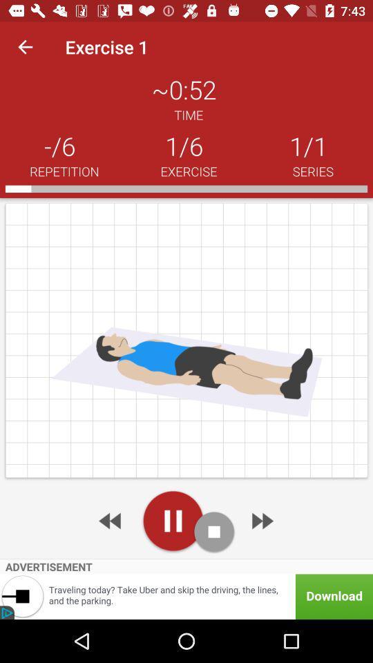 The height and width of the screenshot is (663, 373). I want to click on pause/play the file, so click(173, 520).